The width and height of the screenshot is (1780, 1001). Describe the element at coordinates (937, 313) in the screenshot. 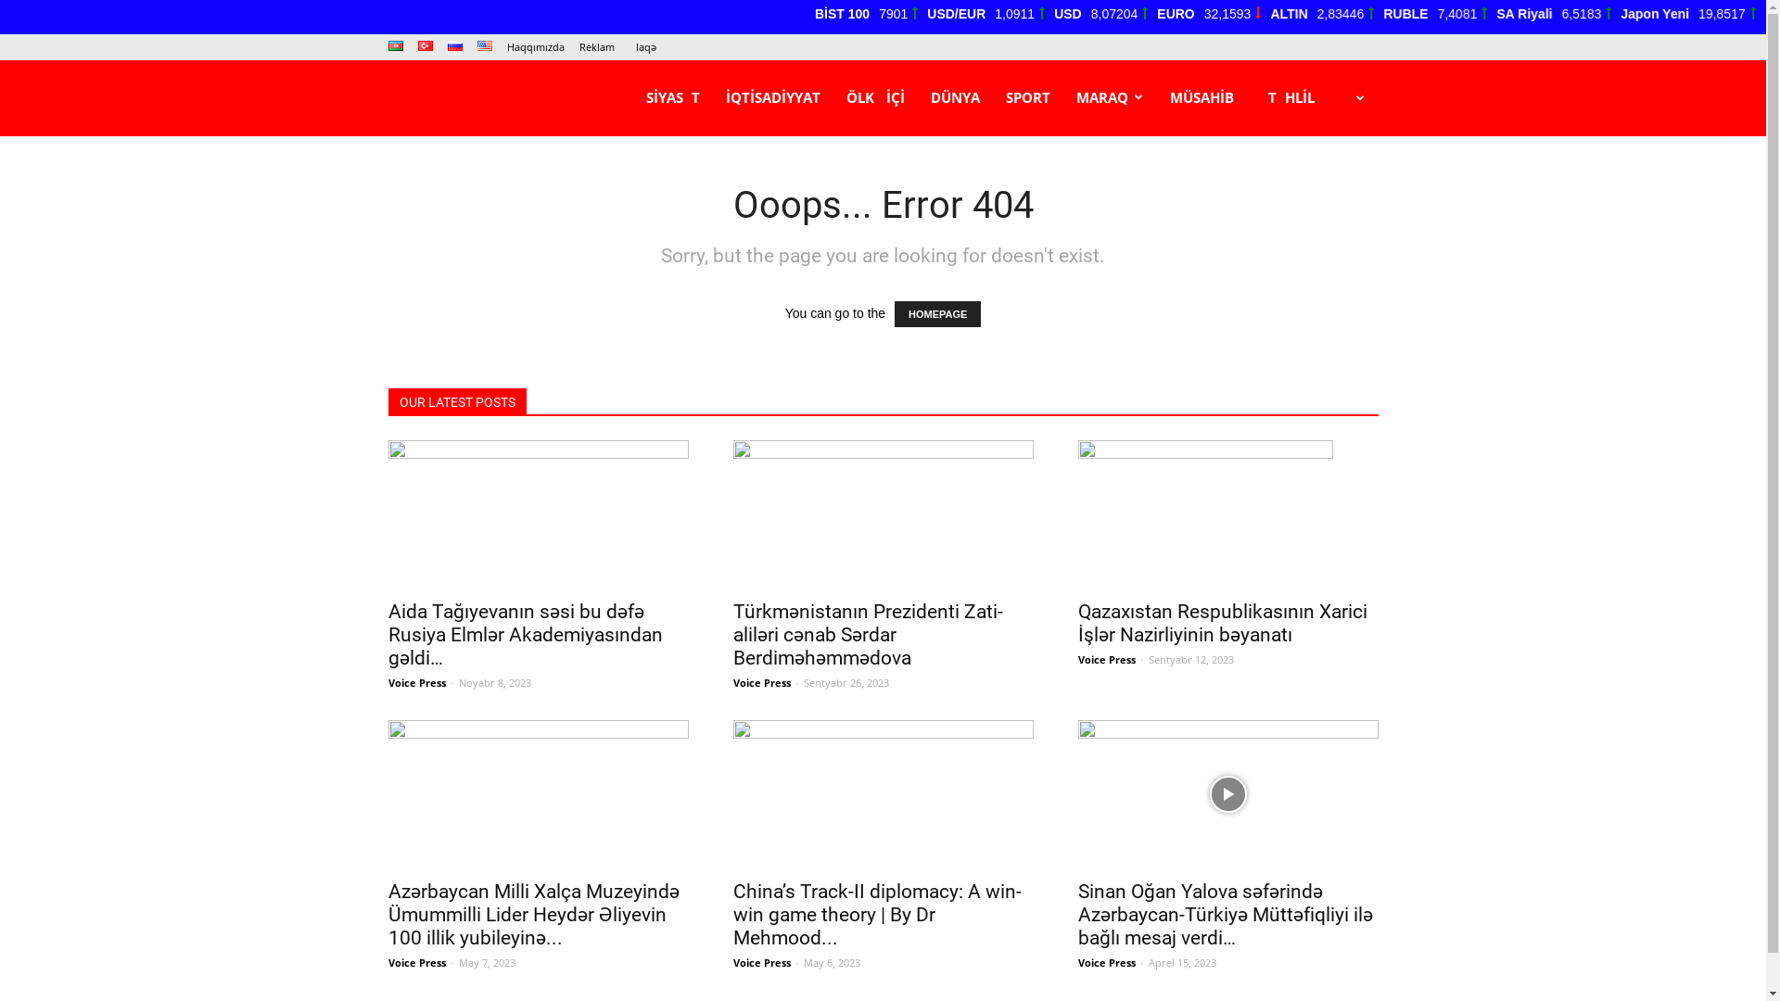

I see `'HOMEPAGE'` at that location.